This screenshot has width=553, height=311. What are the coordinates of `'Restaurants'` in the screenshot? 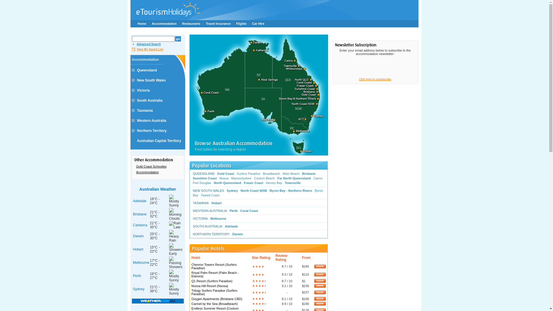 It's located at (191, 23).